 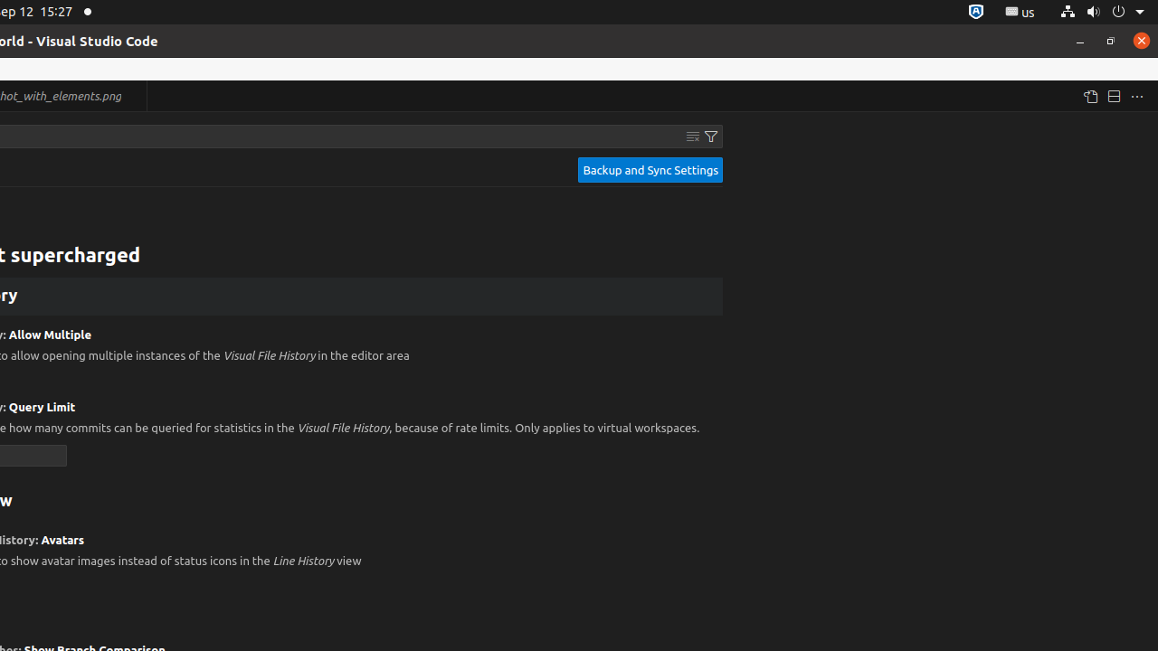 I want to click on 'Clear Settings Search Input', so click(x=691, y=135).